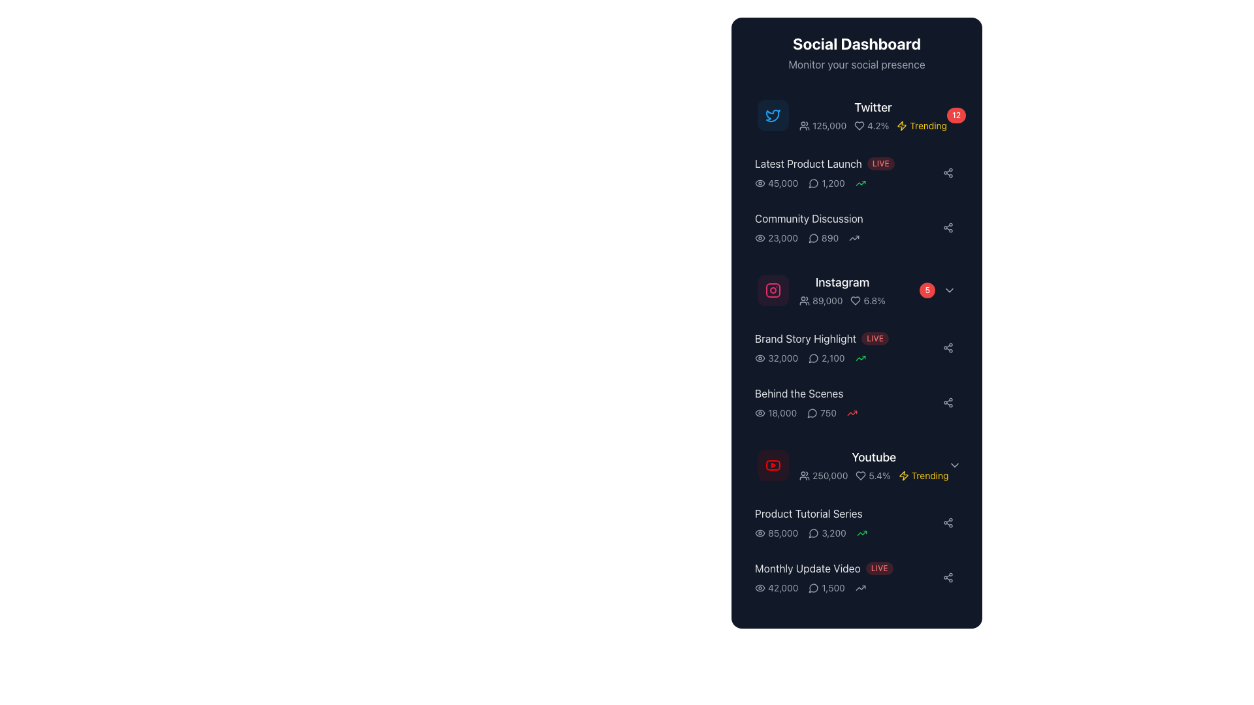 This screenshot has width=1254, height=705. What do you see at coordinates (852, 413) in the screenshot?
I see `the increase metric icon located at the far right of the bottommost row in the 'Behind the Scenes' section of the 'Social Dashboard'` at bounding box center [852, 413].